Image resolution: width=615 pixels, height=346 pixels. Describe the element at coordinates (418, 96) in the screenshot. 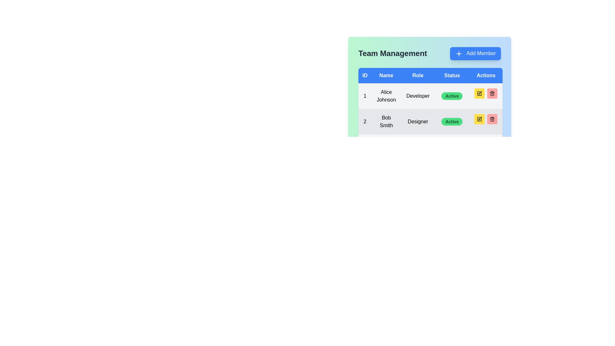

I see `the static text label displaying 'Developer' for the team member Alice Johnson in the role column of the table` at that location.